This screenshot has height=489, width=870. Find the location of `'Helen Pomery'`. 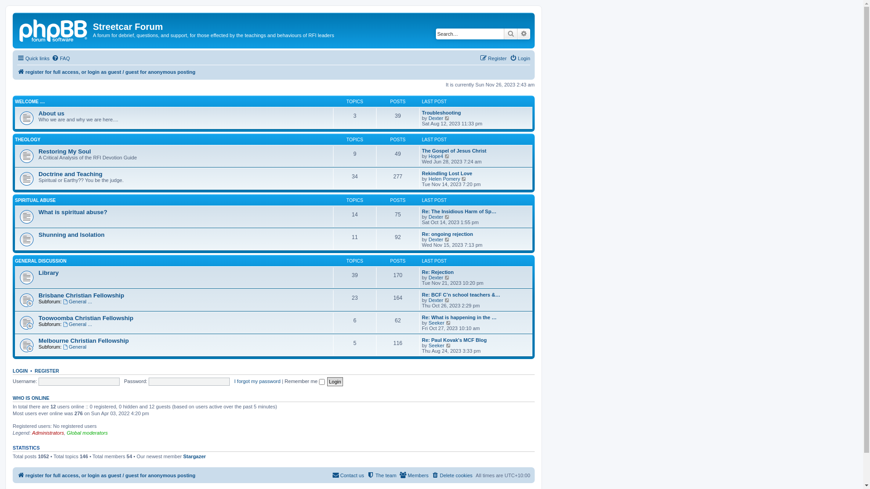

'Helen Pomery' is located at coordinates (444, 178).